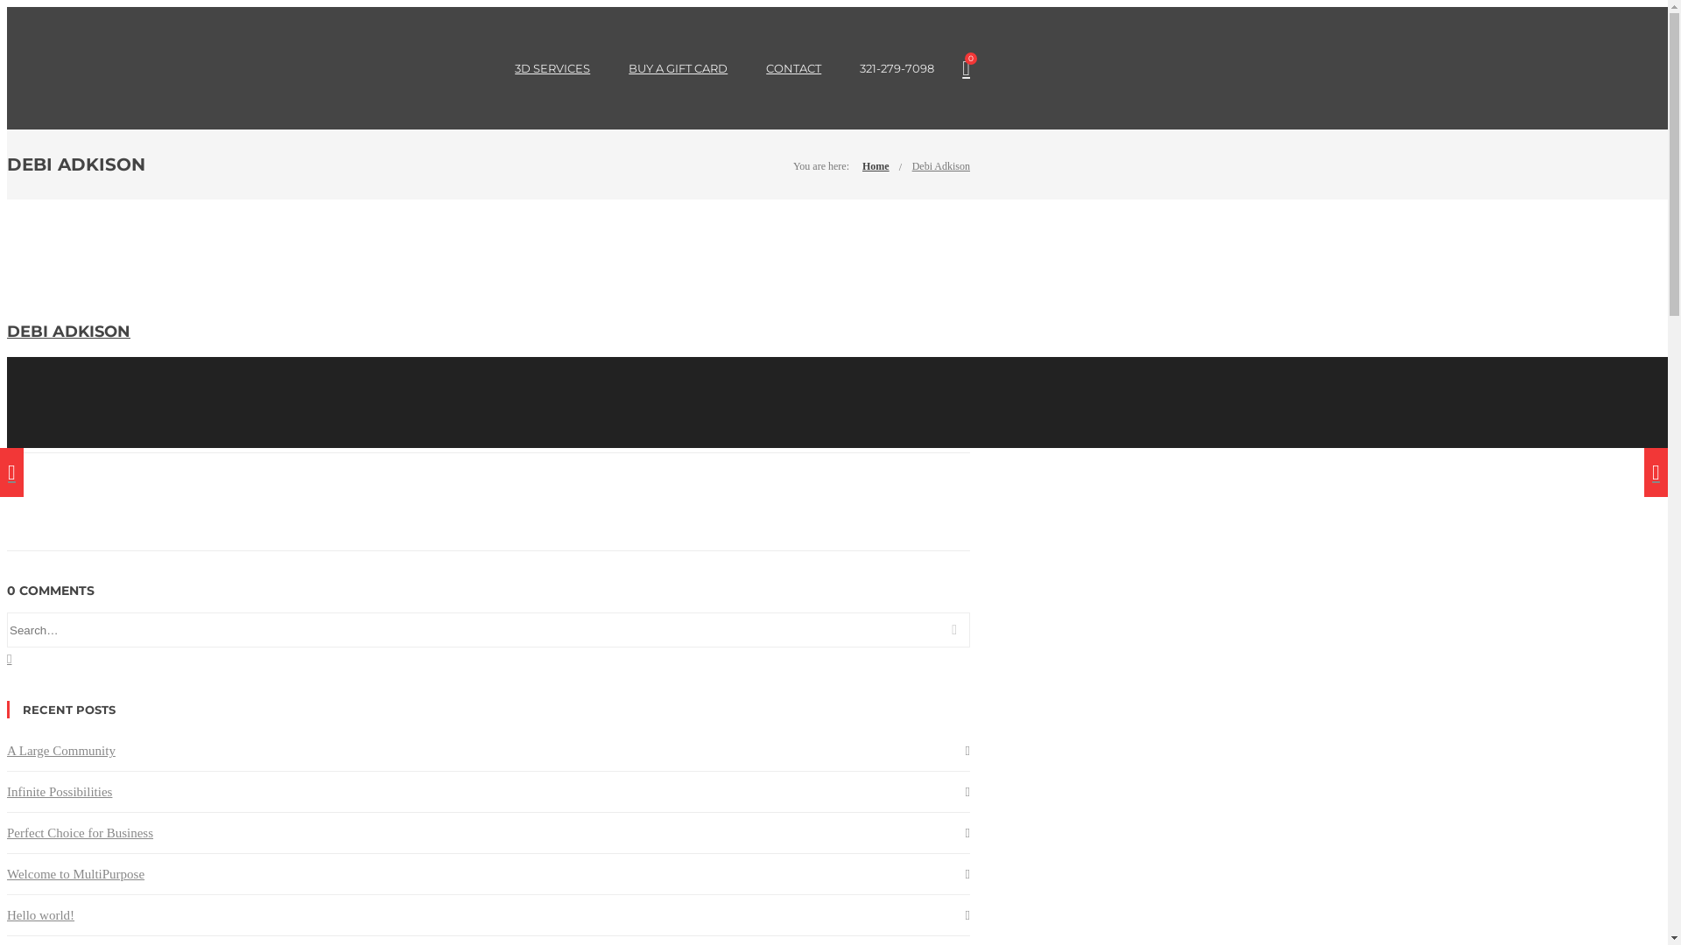  Describe the element at coordinates (677, 66) in the screenshot. I see `'BUY A GIFT CARD'` at that location.